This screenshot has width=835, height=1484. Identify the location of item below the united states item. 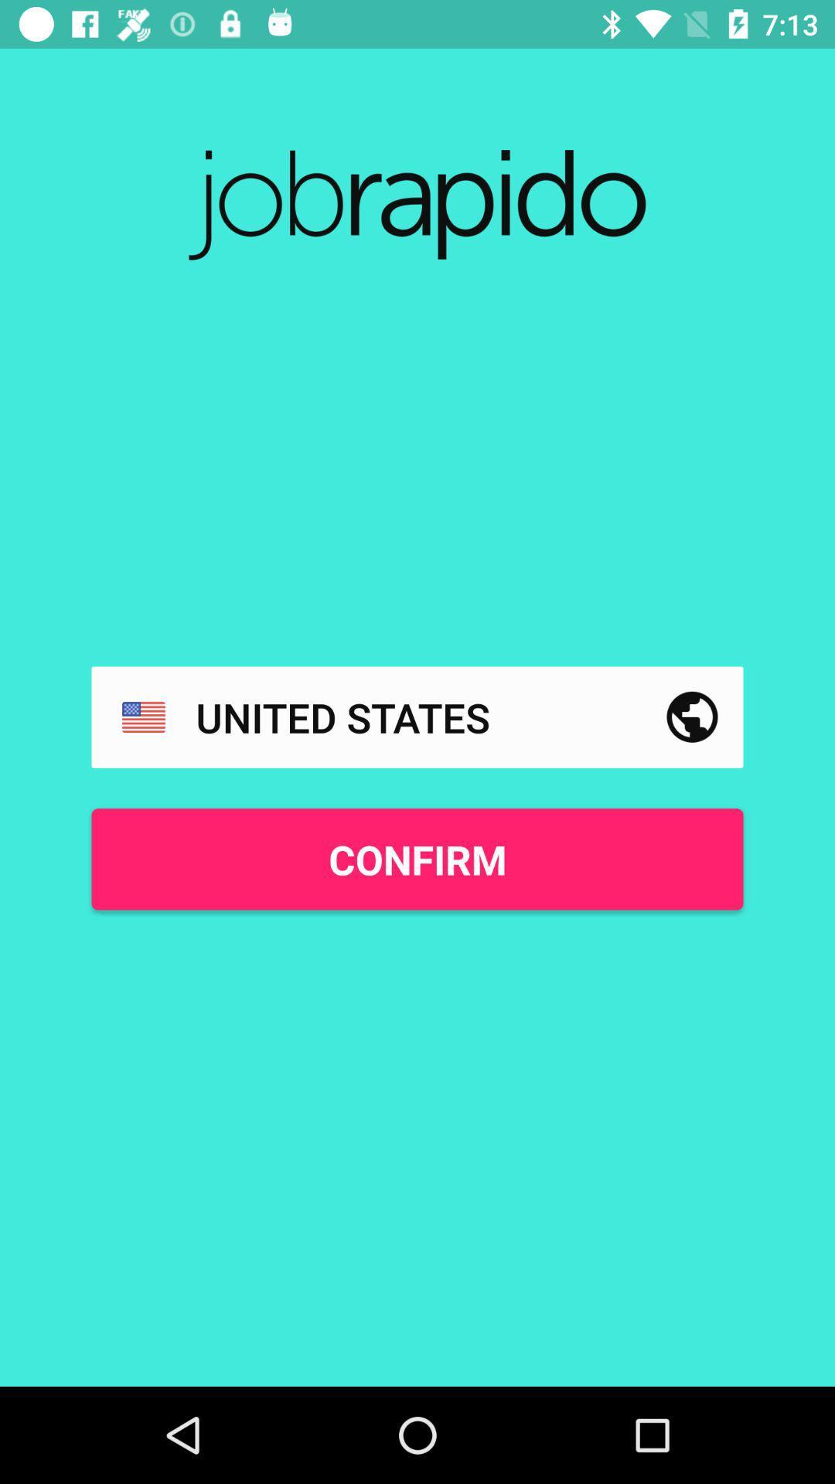
(417, 858).